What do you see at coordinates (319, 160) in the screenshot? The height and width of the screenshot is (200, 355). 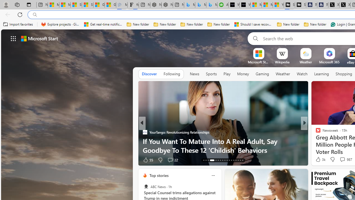 I see `'69 Like'` at bounding box center [319, 160].